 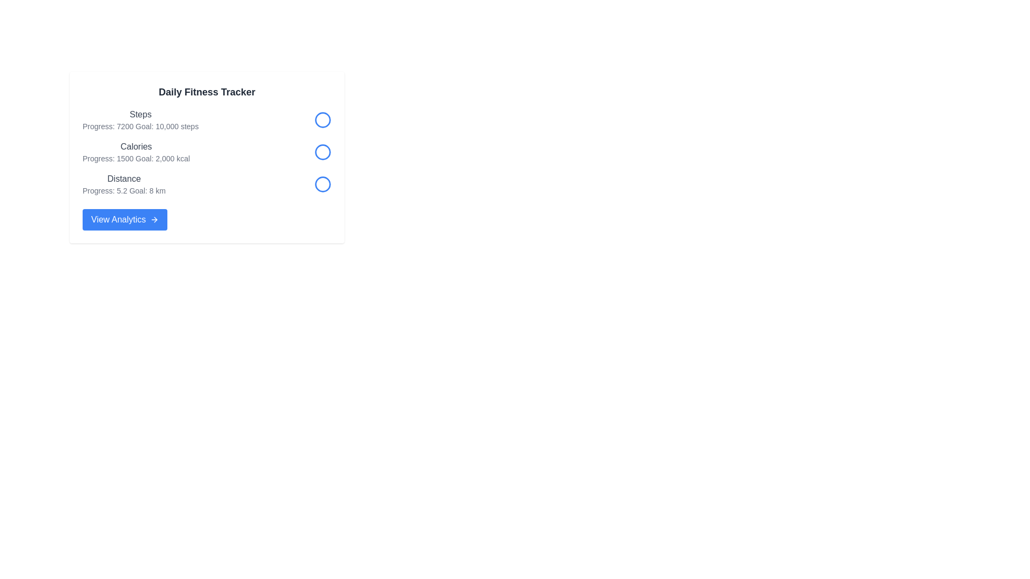 What do you see at coordinates (124, 190) in the screenshot?
I see `the Text Display element that shows the current progress (5.2 km) and total goal (8 km) in the Daily Fitness Tracker card, positioned below the 'Distance' heading` at bounding box center [124, 190].